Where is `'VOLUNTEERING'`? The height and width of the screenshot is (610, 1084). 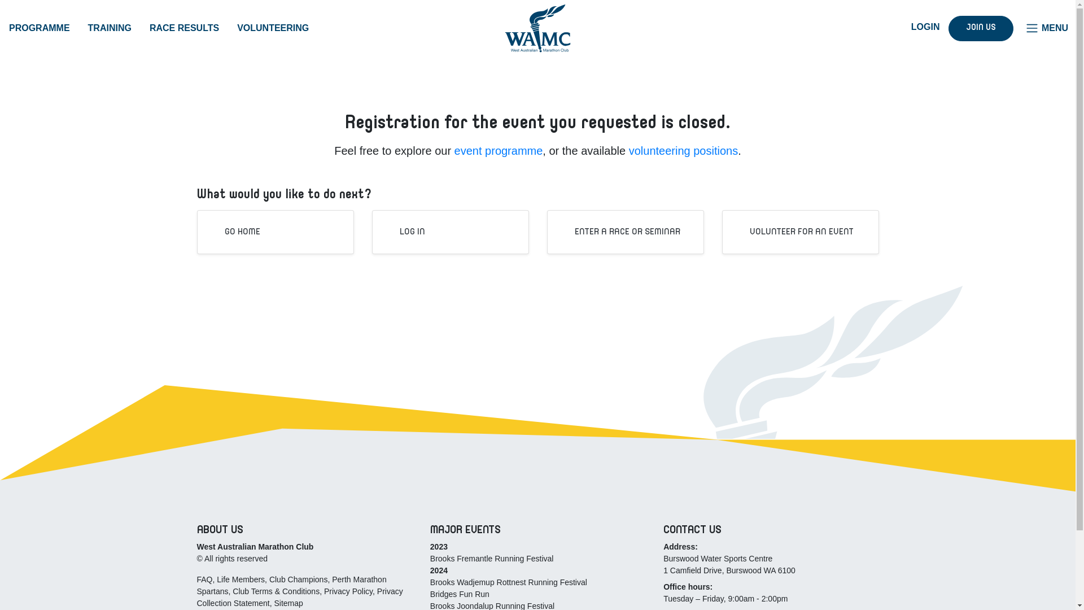 'VOLUNTEERING' is located at coordinates (273, 28).